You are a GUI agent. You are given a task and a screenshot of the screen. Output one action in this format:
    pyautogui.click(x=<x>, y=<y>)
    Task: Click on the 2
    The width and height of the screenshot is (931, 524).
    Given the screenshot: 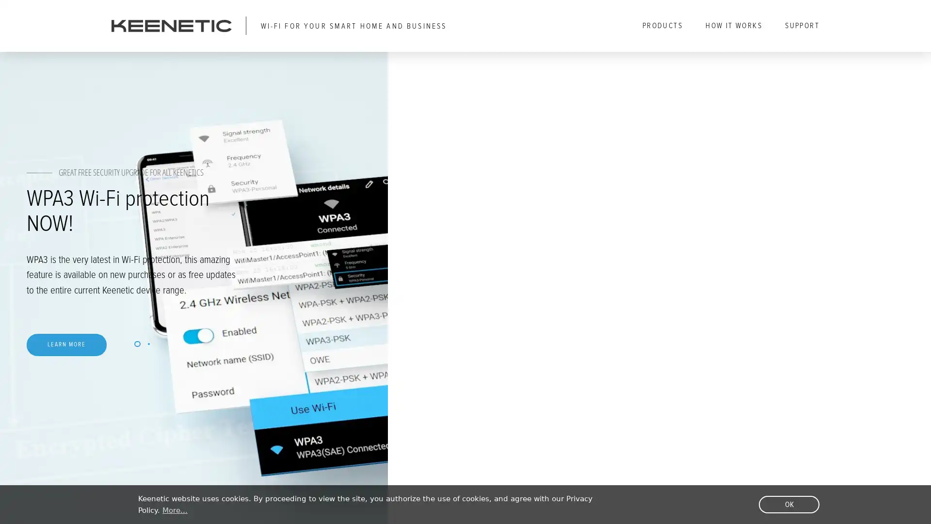 What is the action you would take?
    pyautogui.click(x=302, y=365)
    